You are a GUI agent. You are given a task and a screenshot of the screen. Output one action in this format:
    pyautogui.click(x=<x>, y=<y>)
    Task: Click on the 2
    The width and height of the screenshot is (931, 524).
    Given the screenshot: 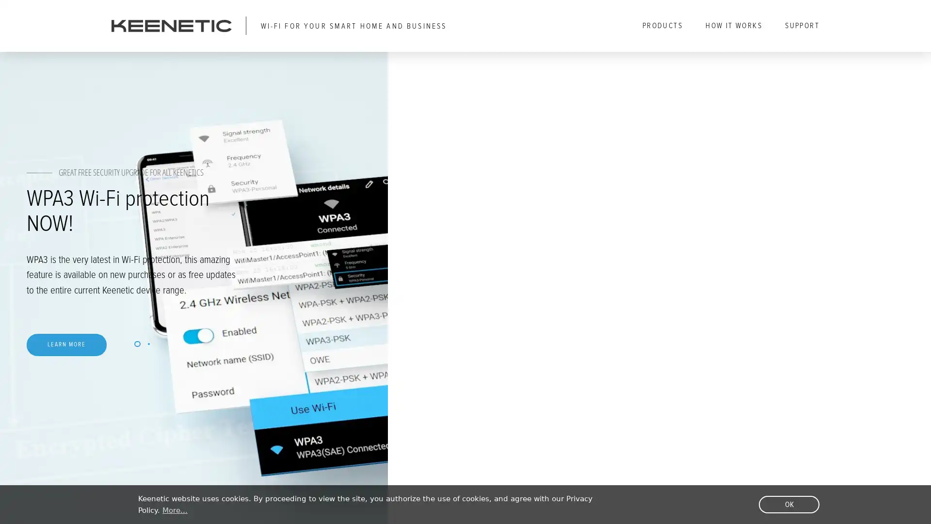 What is the action you would take?
    pyautogui.click(x=302, y=365)
    